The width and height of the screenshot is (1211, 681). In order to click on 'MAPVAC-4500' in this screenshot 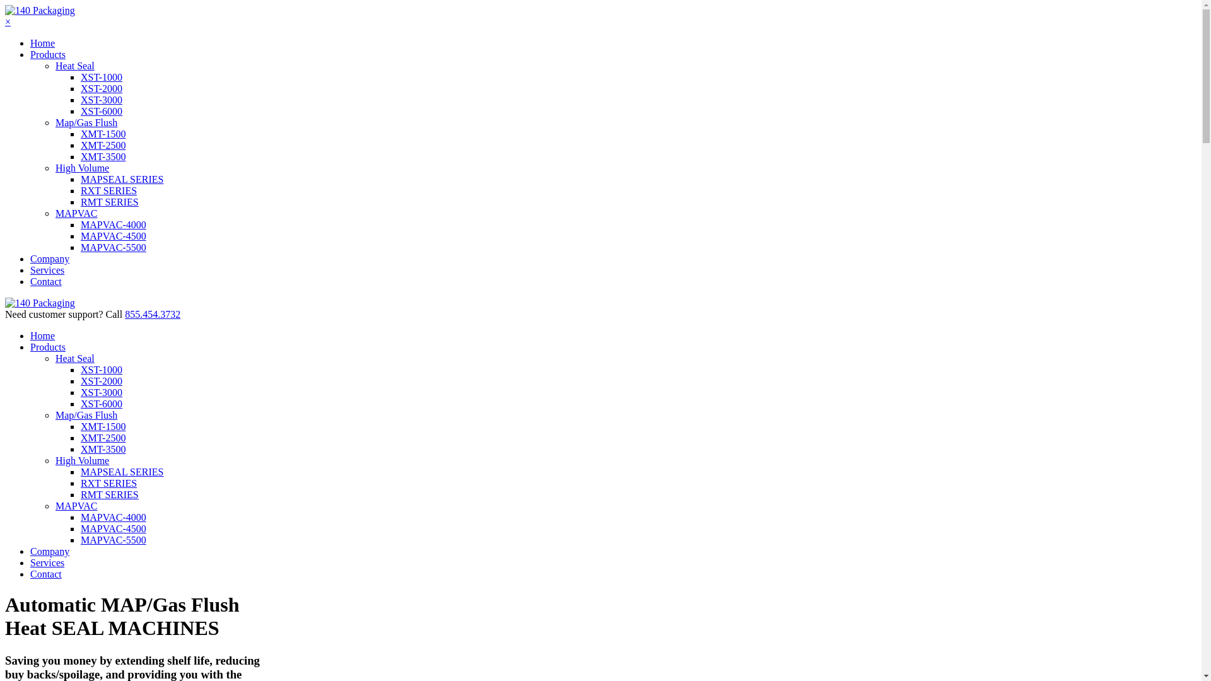, I will do `click(114, 528)`.